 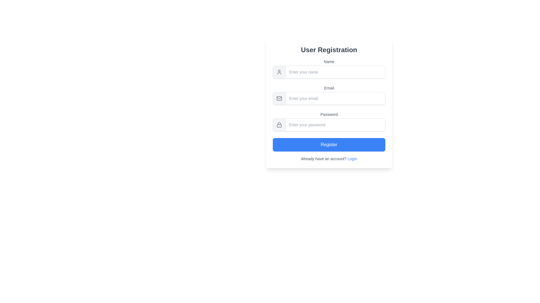 What do you see at coordinates (279, 72) in the screenshot?
I see `the user icon, which is a simple figure of a person styled in gray, located to the left of the 'Name' input field in the 'User Registration' form` at bounding box center [279, 72].